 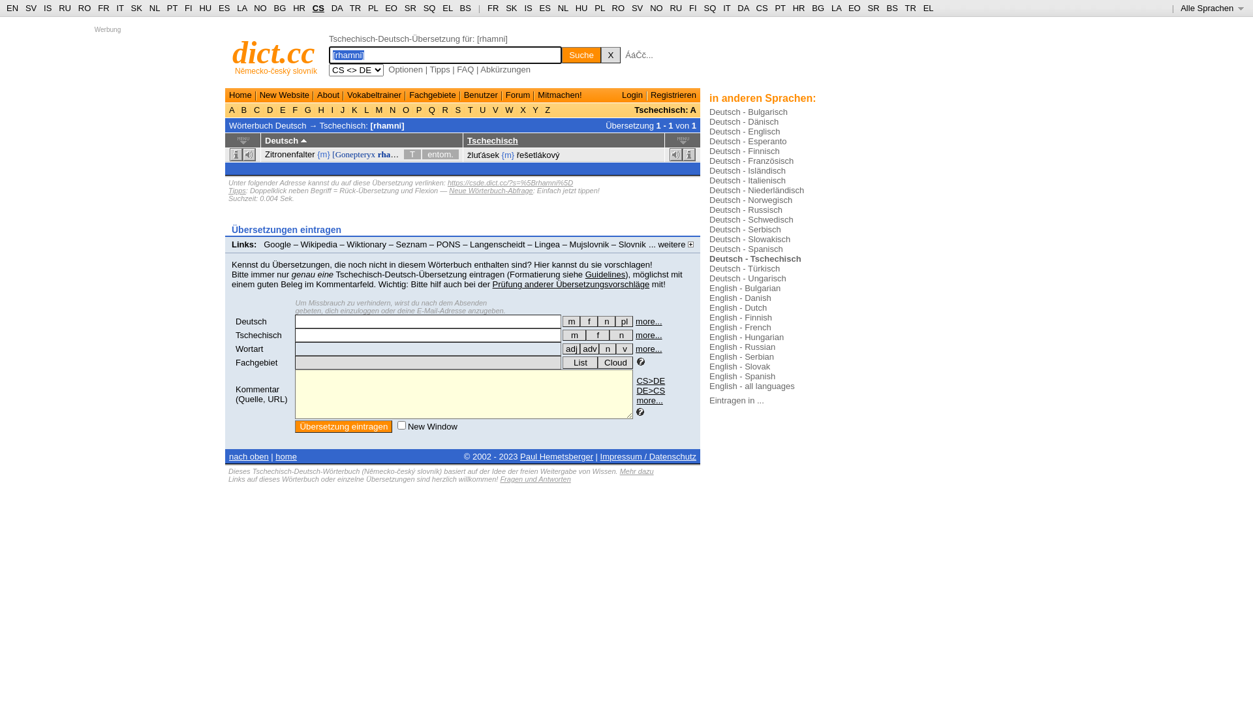 What do you see at coordinates (244, 109) in the screenshot?
I see `'B'` at bounding box center [244, 109].